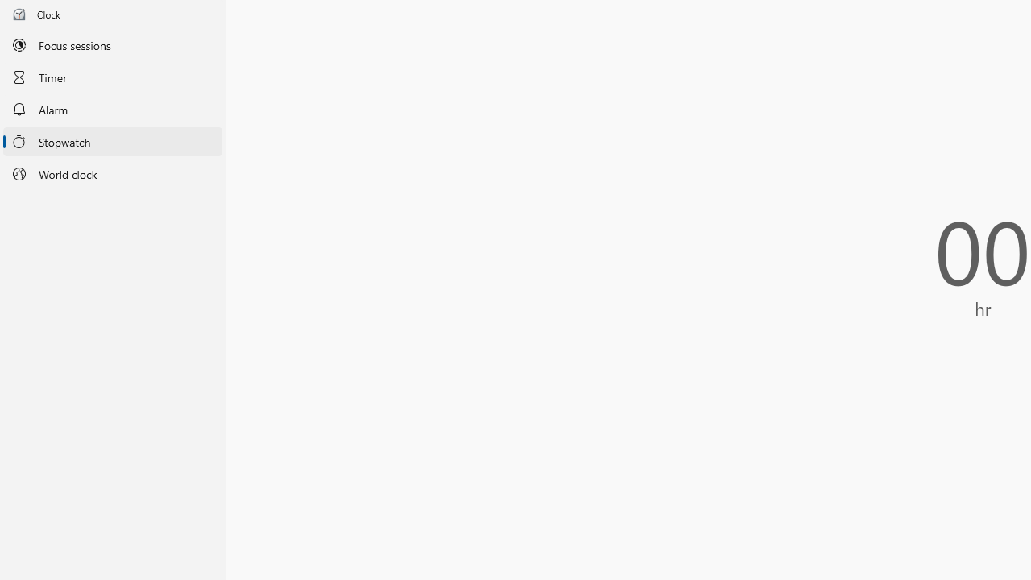 The image size is (1031, 580). What do you see at coordinates (112, 140) in the screenshot?
I see `'Stopwatch'` at bounding box center [112, 140].